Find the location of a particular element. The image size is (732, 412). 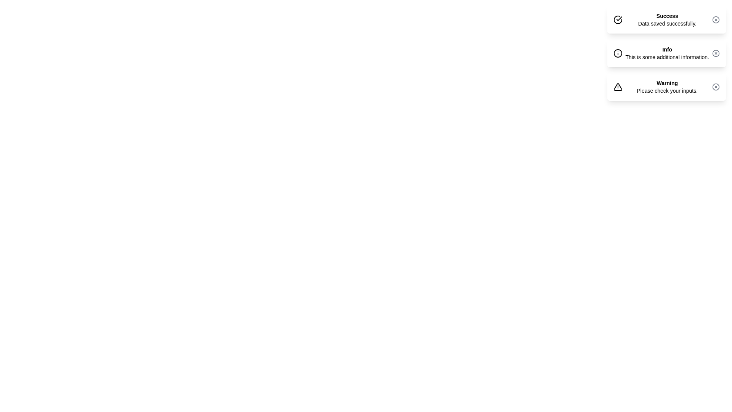

status message text label that conveys a success message indicating that data has been successfully saved, which is located below the title 'Success' in the notification component is located at coordinates (667, 23).